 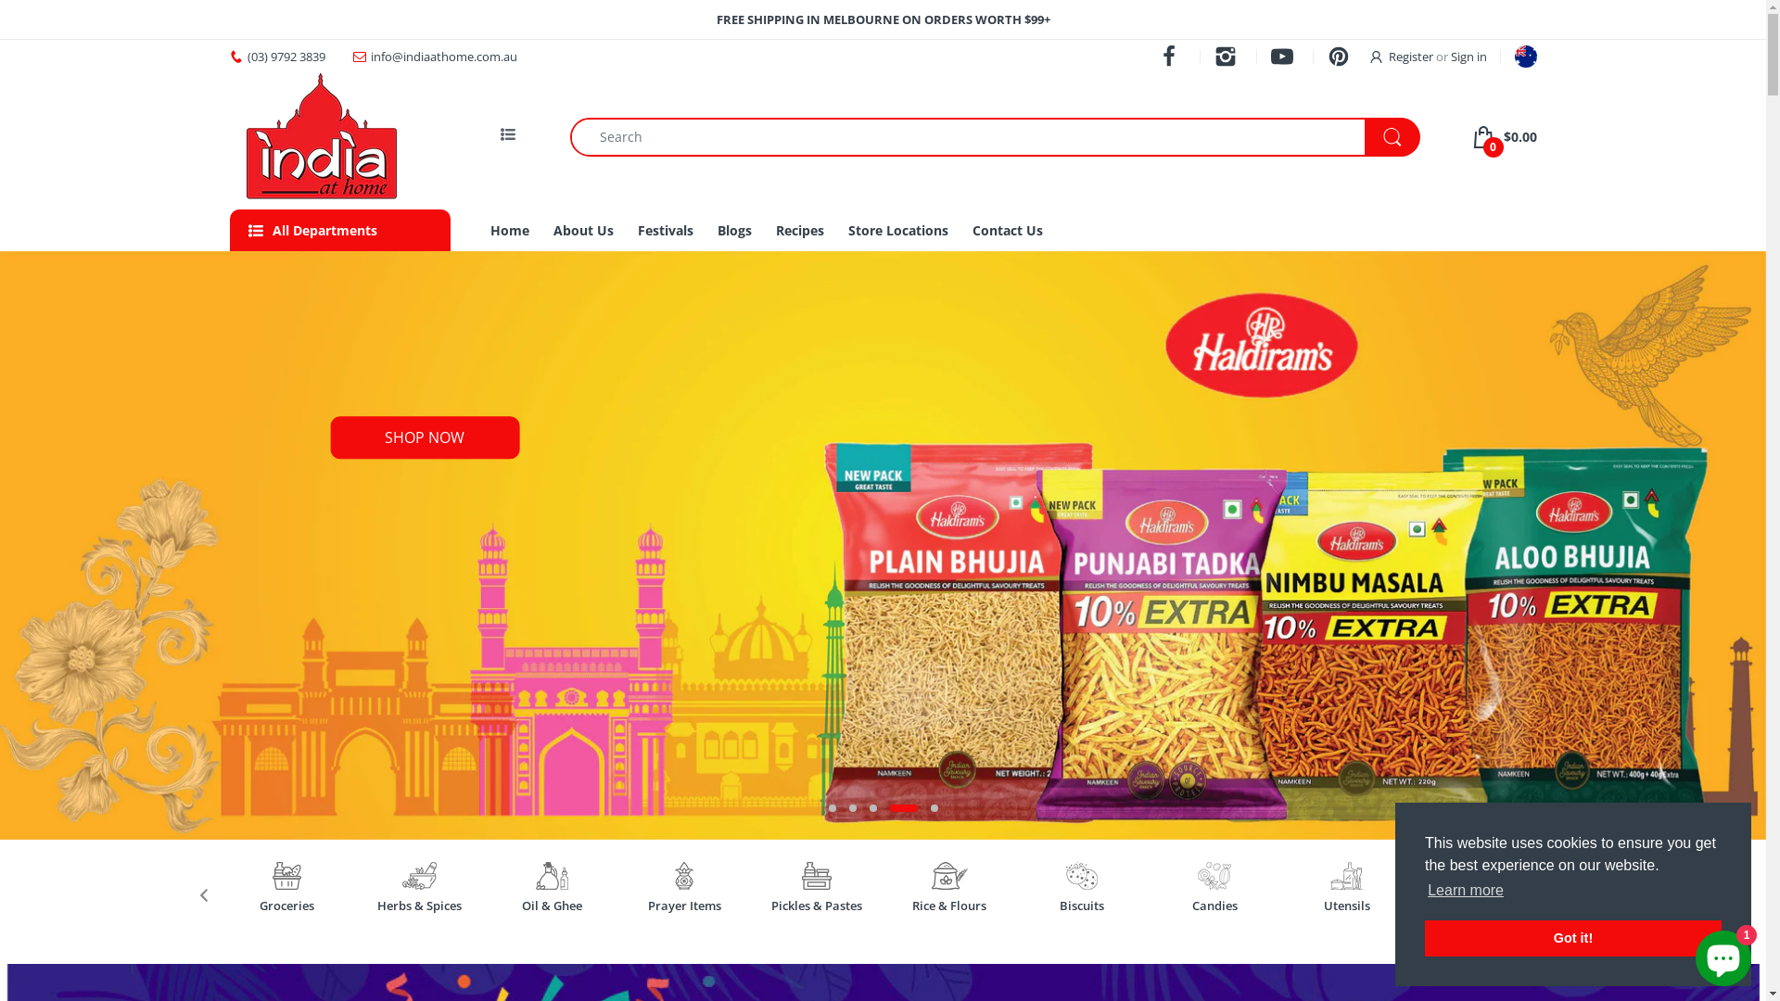 What do you see at coordinates (1347, 905) in the screenshot?
I see `'Utensils'` at bounding box center [1347, 905].